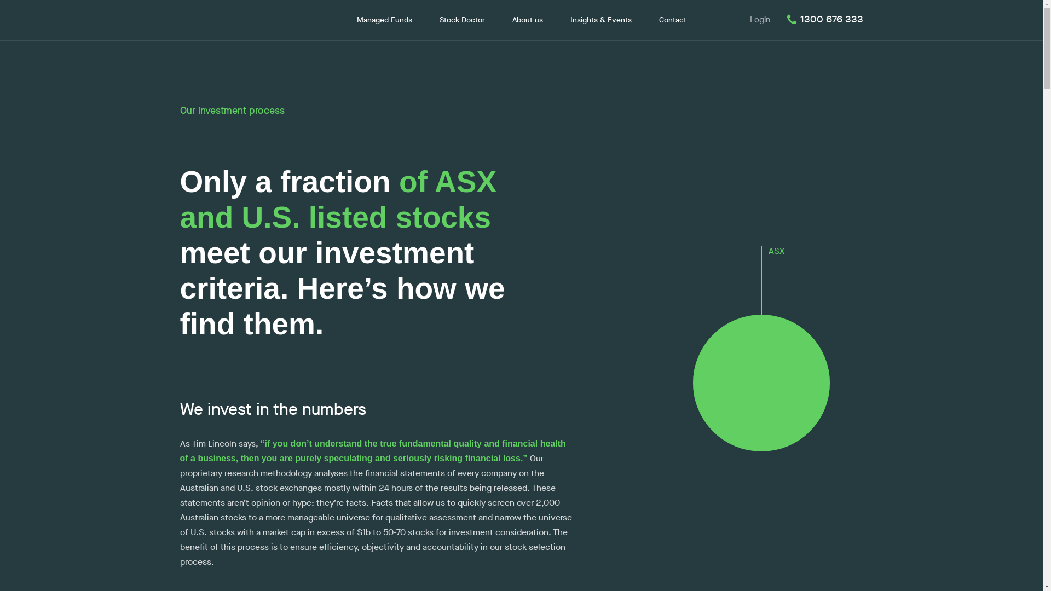  Describe the element at coordinates (672, 20) in the screenshot. I see `'Contact'` at that location.